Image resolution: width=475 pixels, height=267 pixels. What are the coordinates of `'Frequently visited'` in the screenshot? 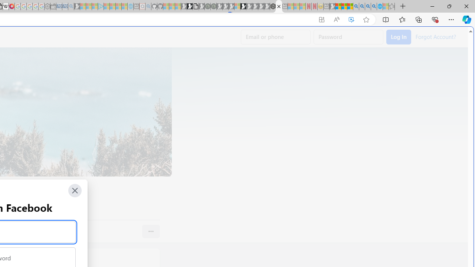 It's located at (155, 98).